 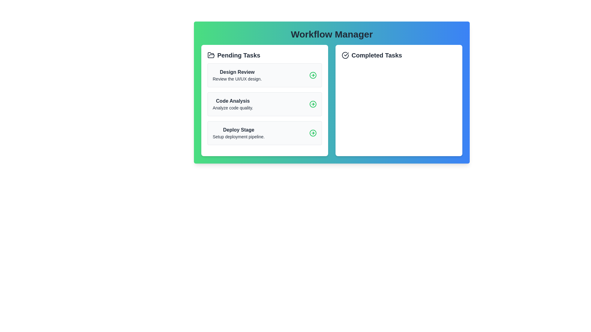 I want to click on the circular decorative element resembling an arrow within the second task entry of the 'Pending Tasks' list to bring up context options, so click(x=313, y=104).